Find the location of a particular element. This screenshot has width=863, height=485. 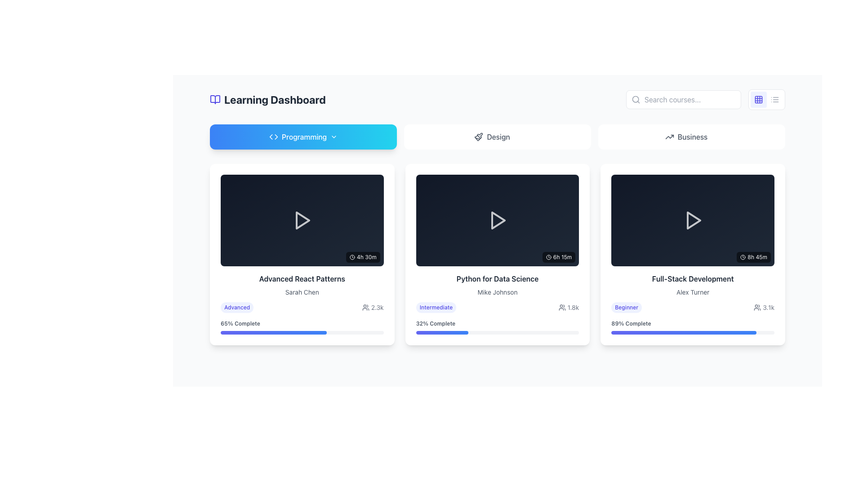

the triangular play button located at the center of the video thumbnail on the 'Full-Stack Development' card in the Learning Dashboard to change its opacity is located at coordinates (692, 220).